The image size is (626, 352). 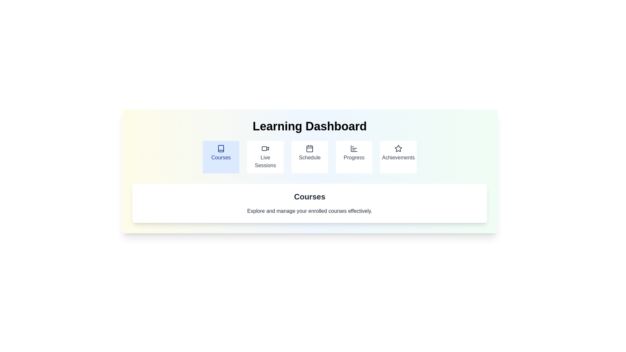 I want to click on the video icon with a camera shape and recording indicator located in the 'Live Sessions' card near the top of the layout, so click(x=265, y=148).